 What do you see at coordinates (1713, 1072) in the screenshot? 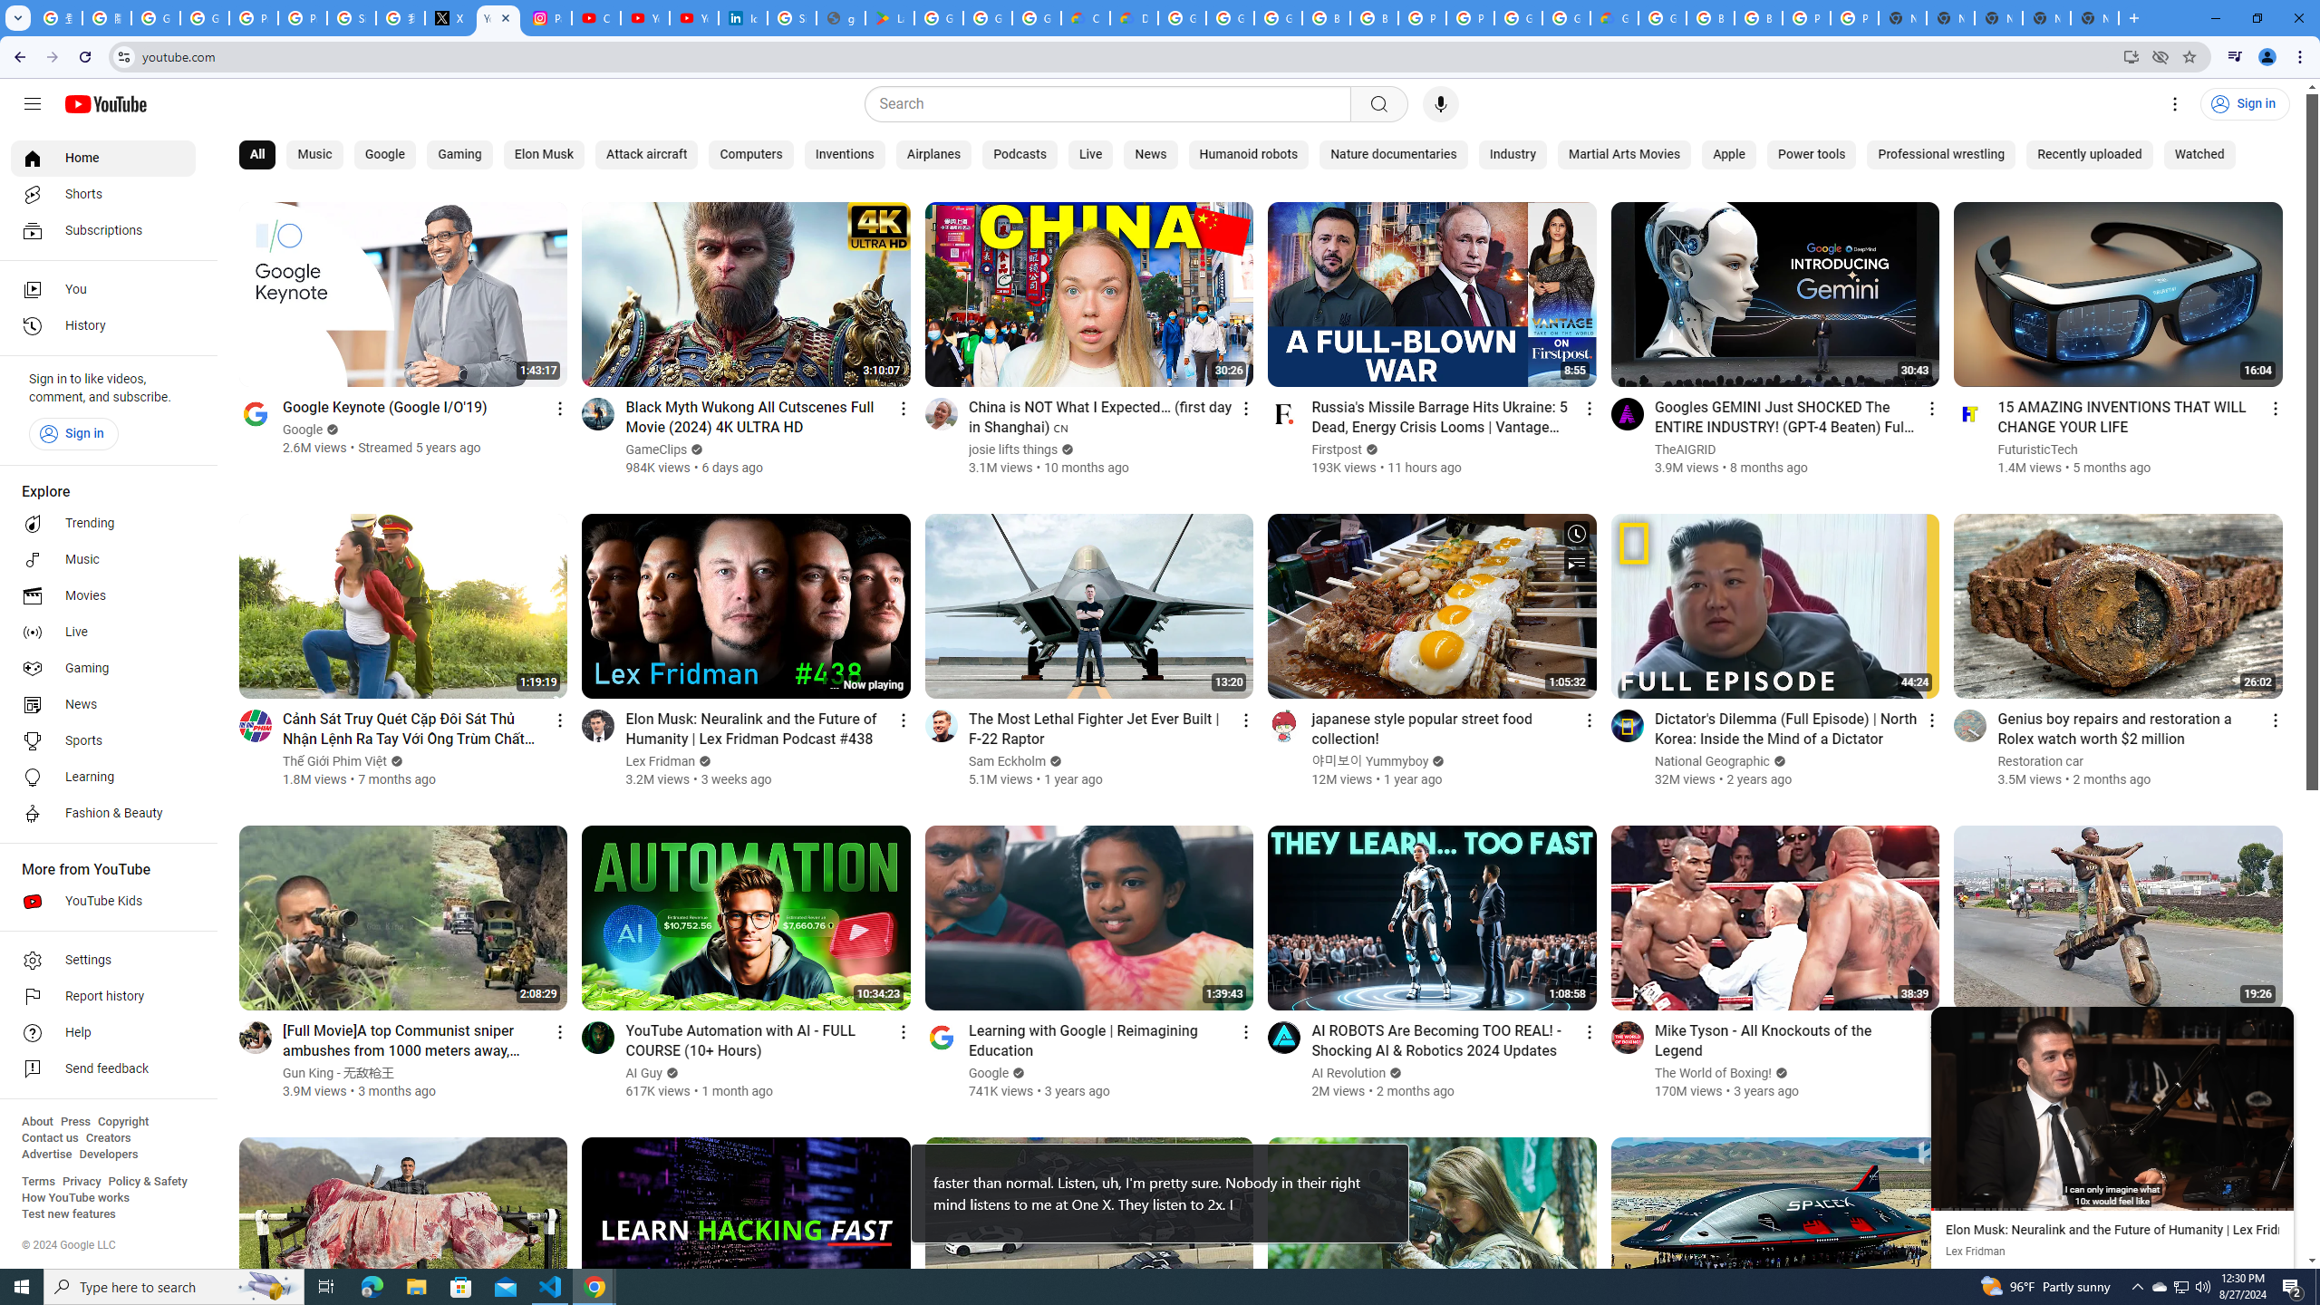
I see `'The World of Boxing!'` at bounding box center [1713, 1072].